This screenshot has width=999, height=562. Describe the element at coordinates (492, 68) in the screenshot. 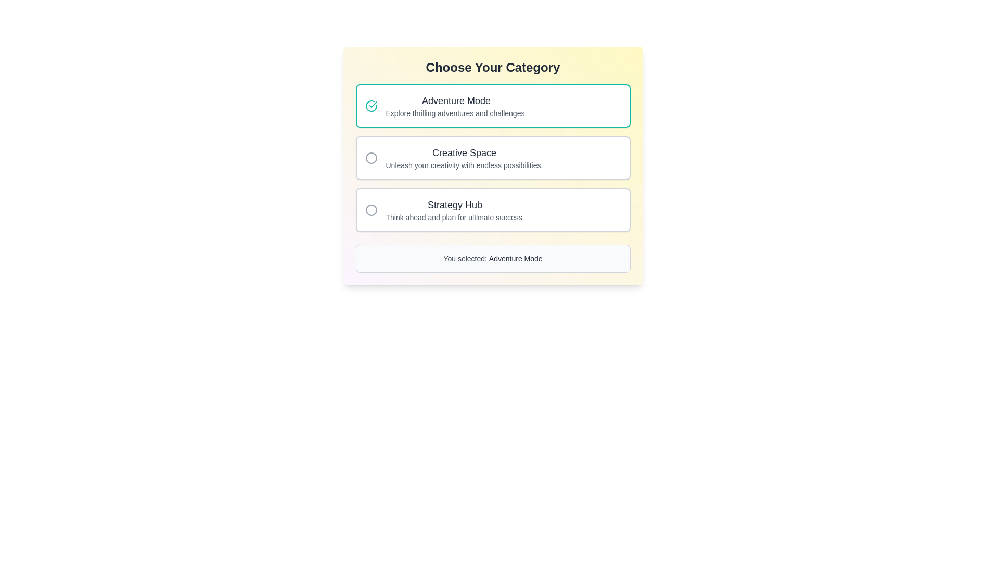

I see `text from the centered heading label that says 'Choose Your Category', which is located at the top of the card interface` at that location.